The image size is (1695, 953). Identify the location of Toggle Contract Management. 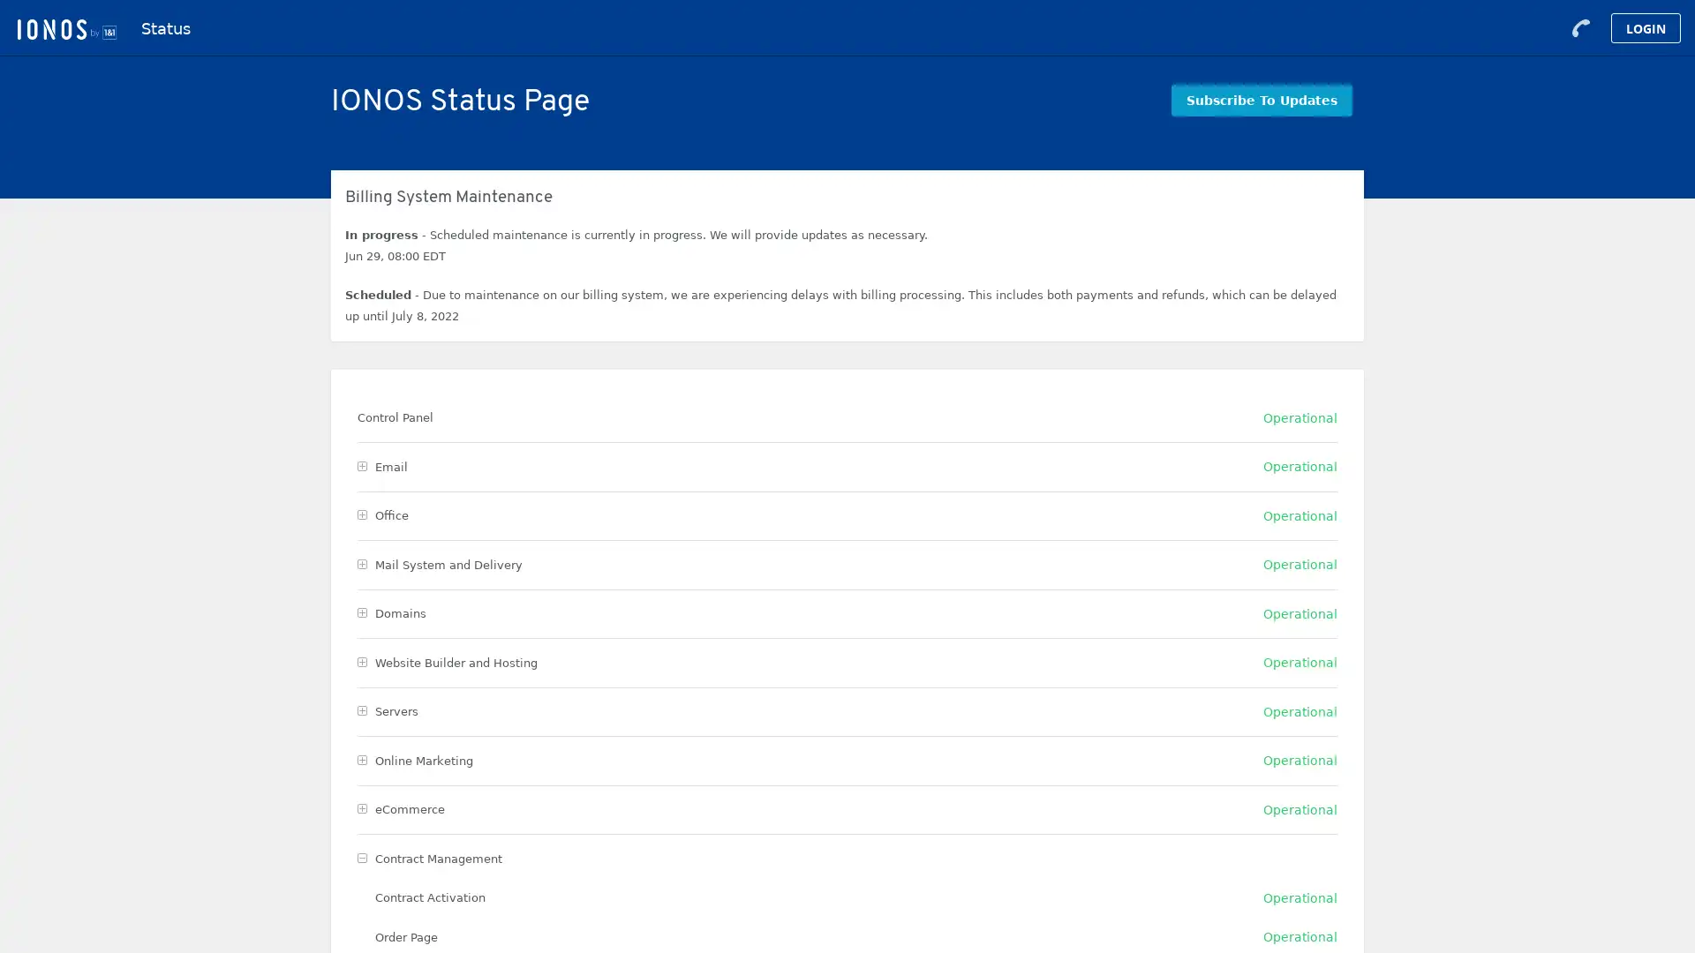
(361, 857).